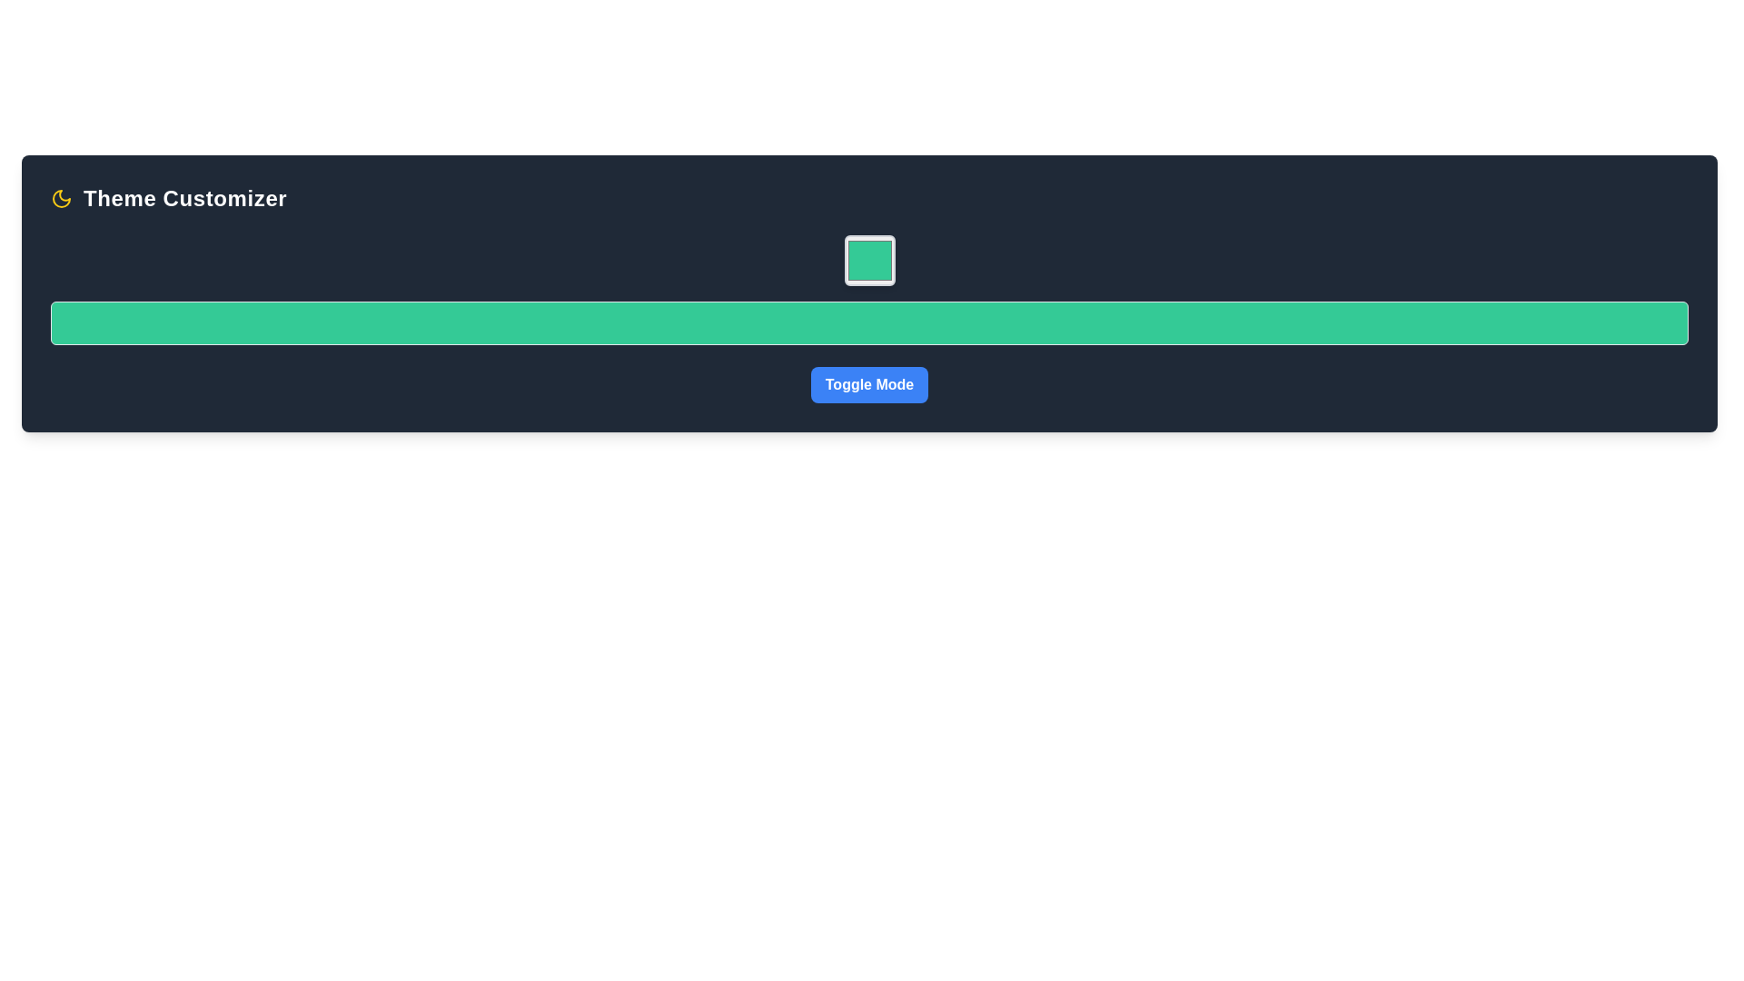 This screenshot has width=1744, height=981. I want to click on the static text label 'Theme Customizer', which is a bold and large sans-serif text aligned to the left of a moon icon in a dark background area, so click(185, 199).